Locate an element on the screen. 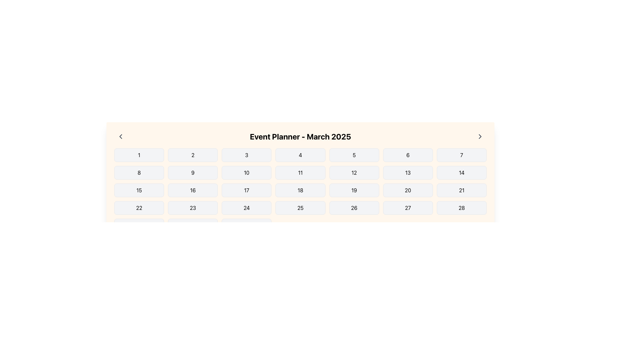 The image size is (625, 352). the number '18' displayed in bold black text on a light gray background within the calendar interface is located at coordinates (300, 190).